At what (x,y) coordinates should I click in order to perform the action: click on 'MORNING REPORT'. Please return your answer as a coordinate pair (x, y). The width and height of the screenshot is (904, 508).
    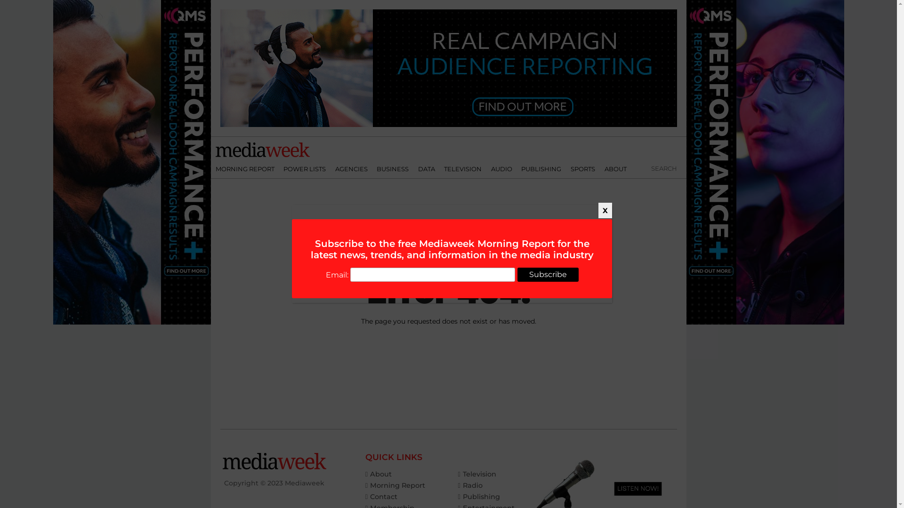
    Looking at the image, I should click on (245, 168).